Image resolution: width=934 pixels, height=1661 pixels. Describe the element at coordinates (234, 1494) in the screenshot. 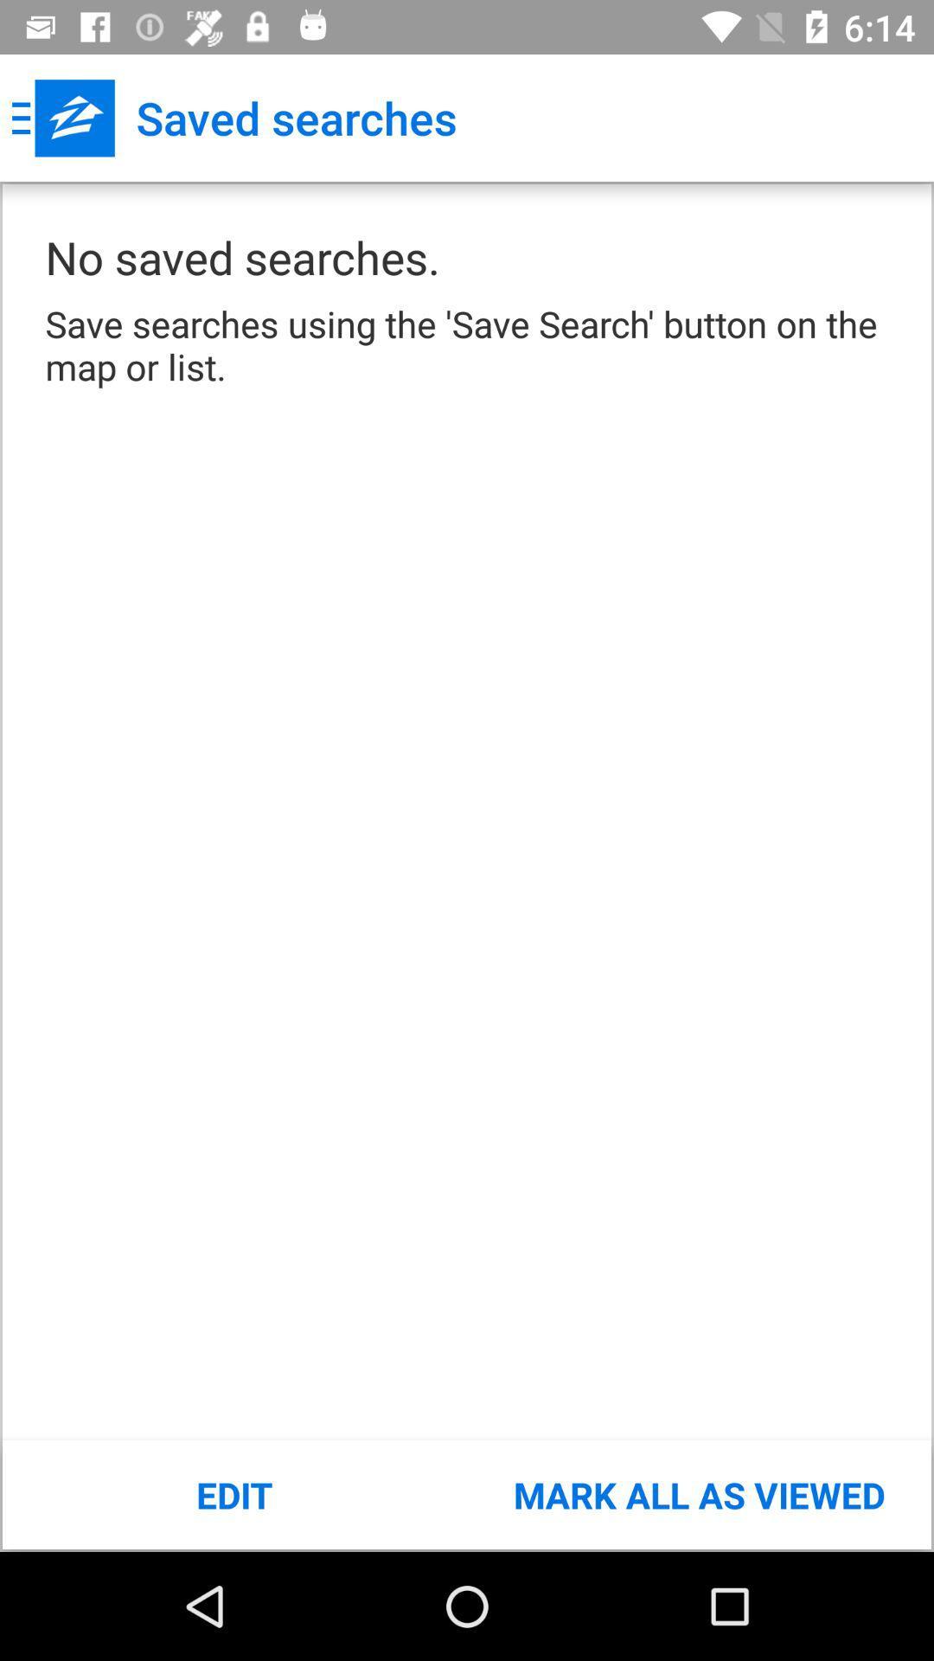

I see `the item next to the mark all as icon` at that location.